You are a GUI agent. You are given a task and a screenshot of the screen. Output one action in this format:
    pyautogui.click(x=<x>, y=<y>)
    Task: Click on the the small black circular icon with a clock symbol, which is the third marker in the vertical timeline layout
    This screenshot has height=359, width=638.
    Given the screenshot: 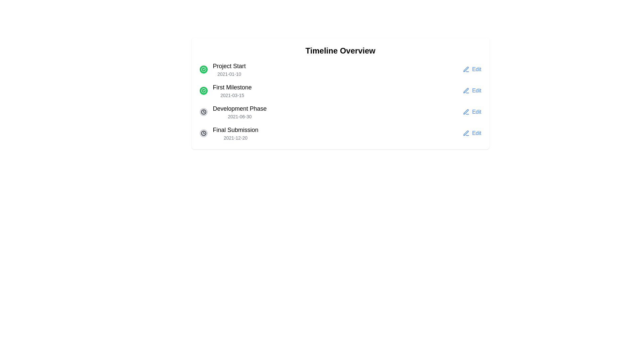 What is the action you would take?
    pyautogui.click(x=203, y=133)
    